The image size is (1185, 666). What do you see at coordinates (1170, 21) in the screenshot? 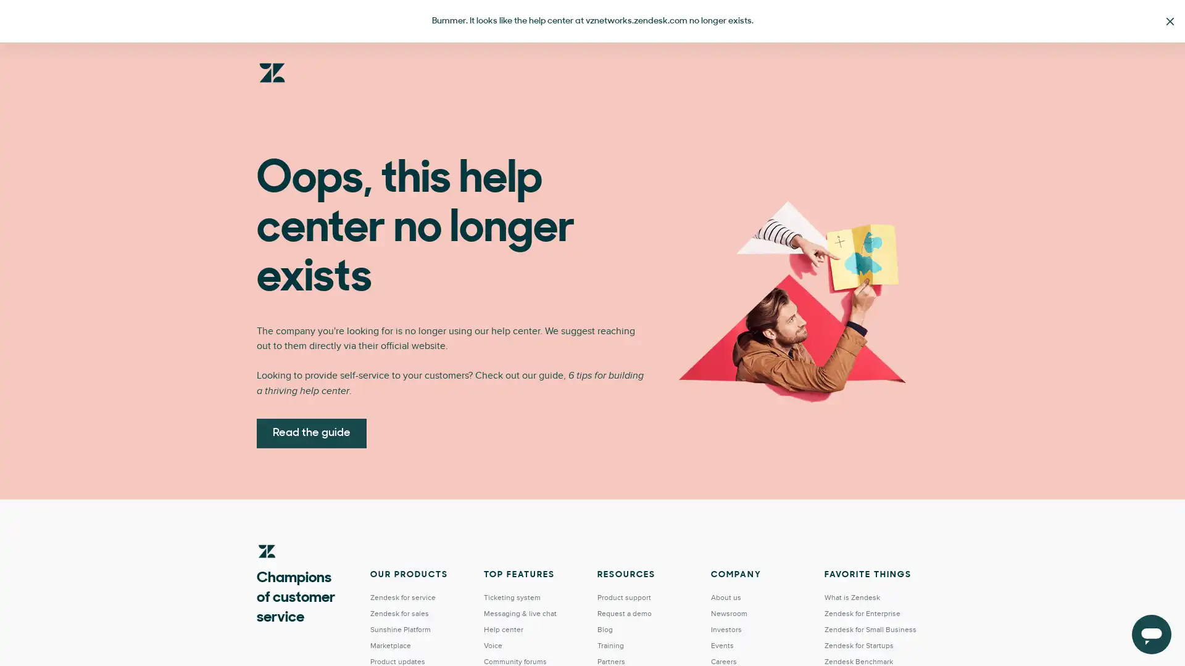
I see `Close` at bounding box center [1170, 21].